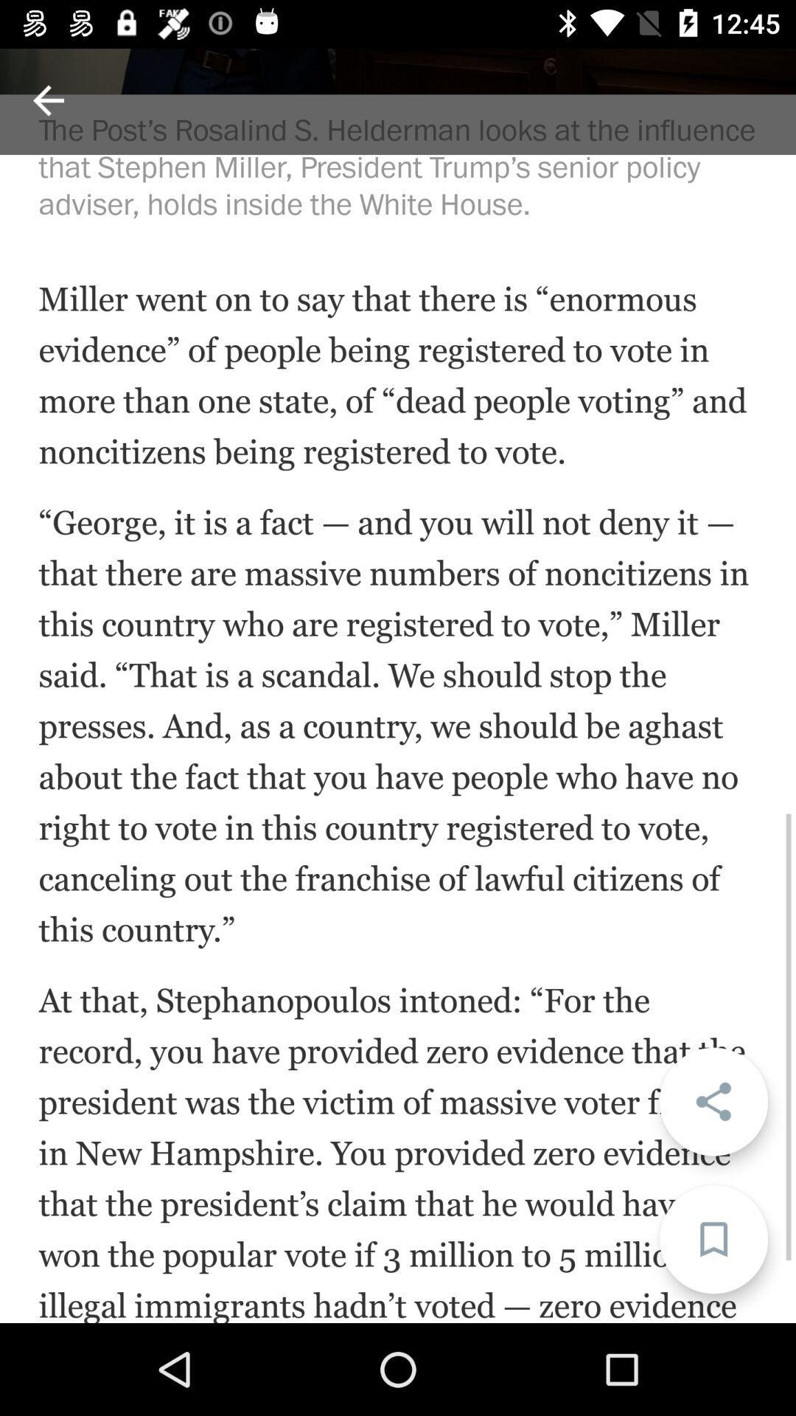 The height and width of the screenshot is (1416, 796). I want to click on the arrow_backward icon, so click(47, 100).